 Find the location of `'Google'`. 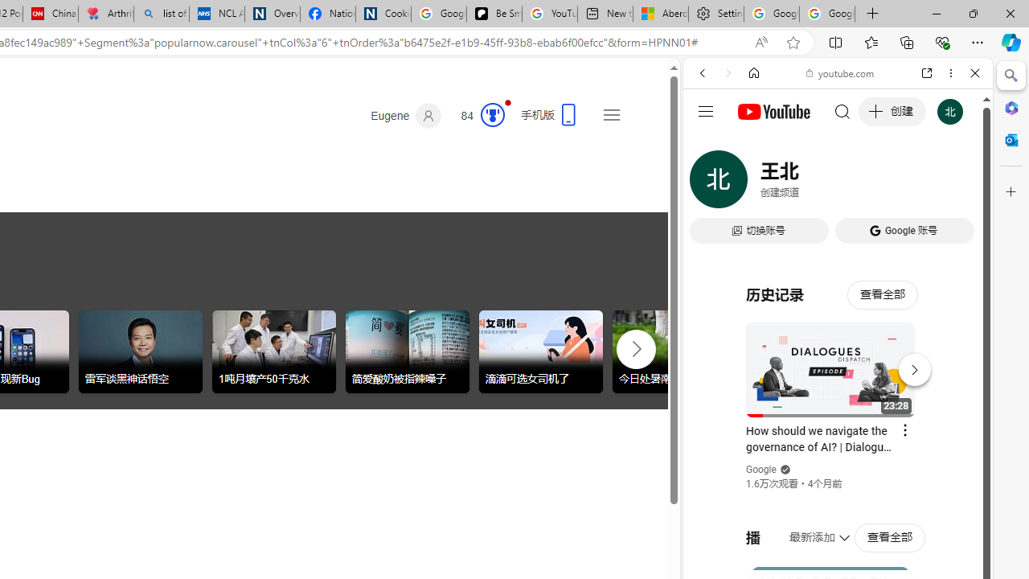

'Google' is located at coordinates (760, 470).